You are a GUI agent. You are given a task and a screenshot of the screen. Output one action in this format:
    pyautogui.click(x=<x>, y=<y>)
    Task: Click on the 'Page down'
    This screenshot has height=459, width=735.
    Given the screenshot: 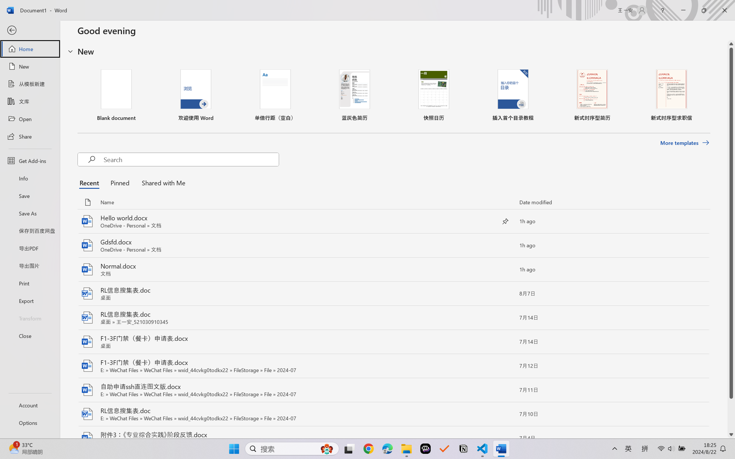 What is the action you would take?
    pyautogui.click(x=731, y=415)
    